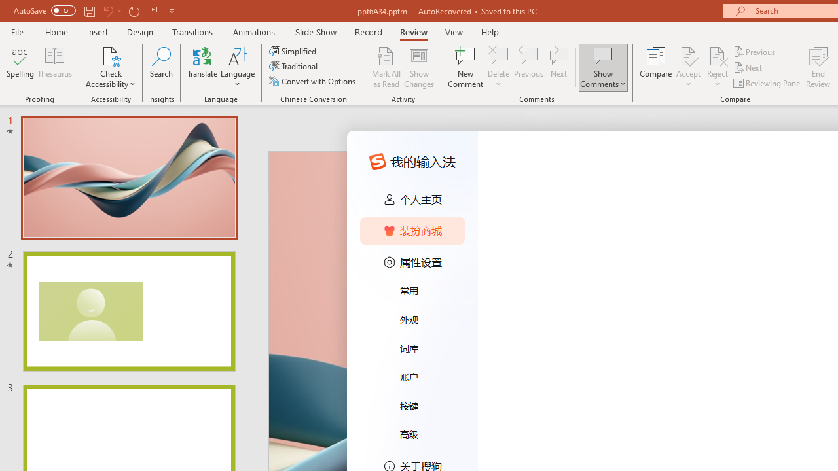 The image size is (838, 471). What do you see at coordinates (687, 55) in the screenshot?
I see `'Accept Change'` at bounding box center [687, 55].